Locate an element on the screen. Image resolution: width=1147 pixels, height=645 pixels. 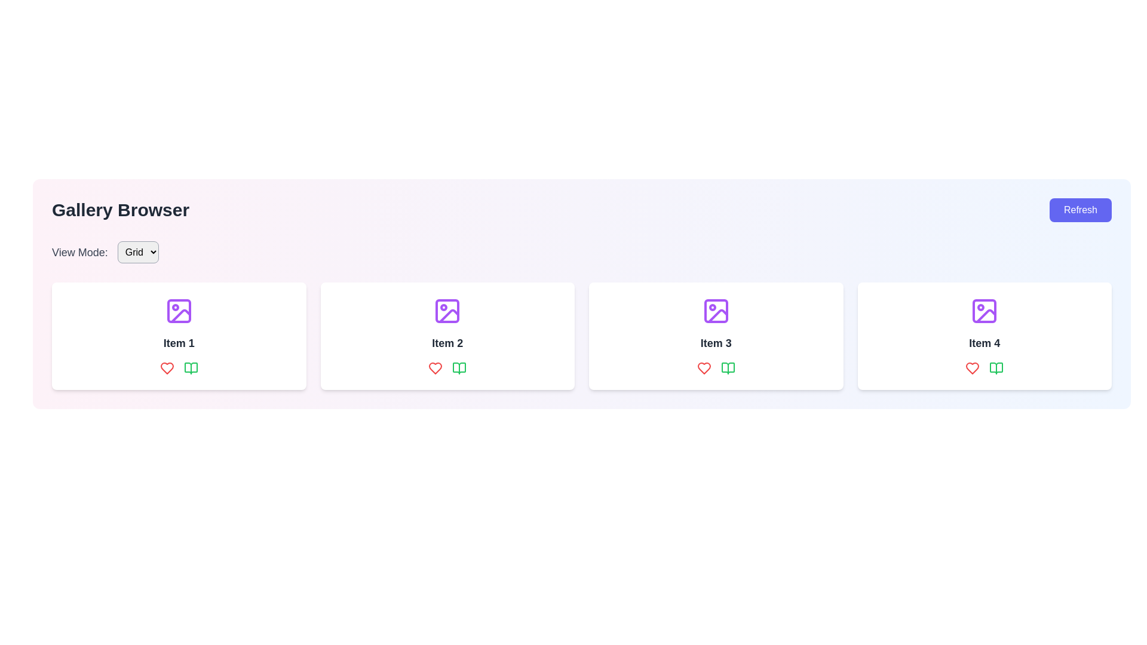
the heart-shaped red icon located at the bottom-left corner of the card representing 'Item 4' is located at coordinates (972, 368).